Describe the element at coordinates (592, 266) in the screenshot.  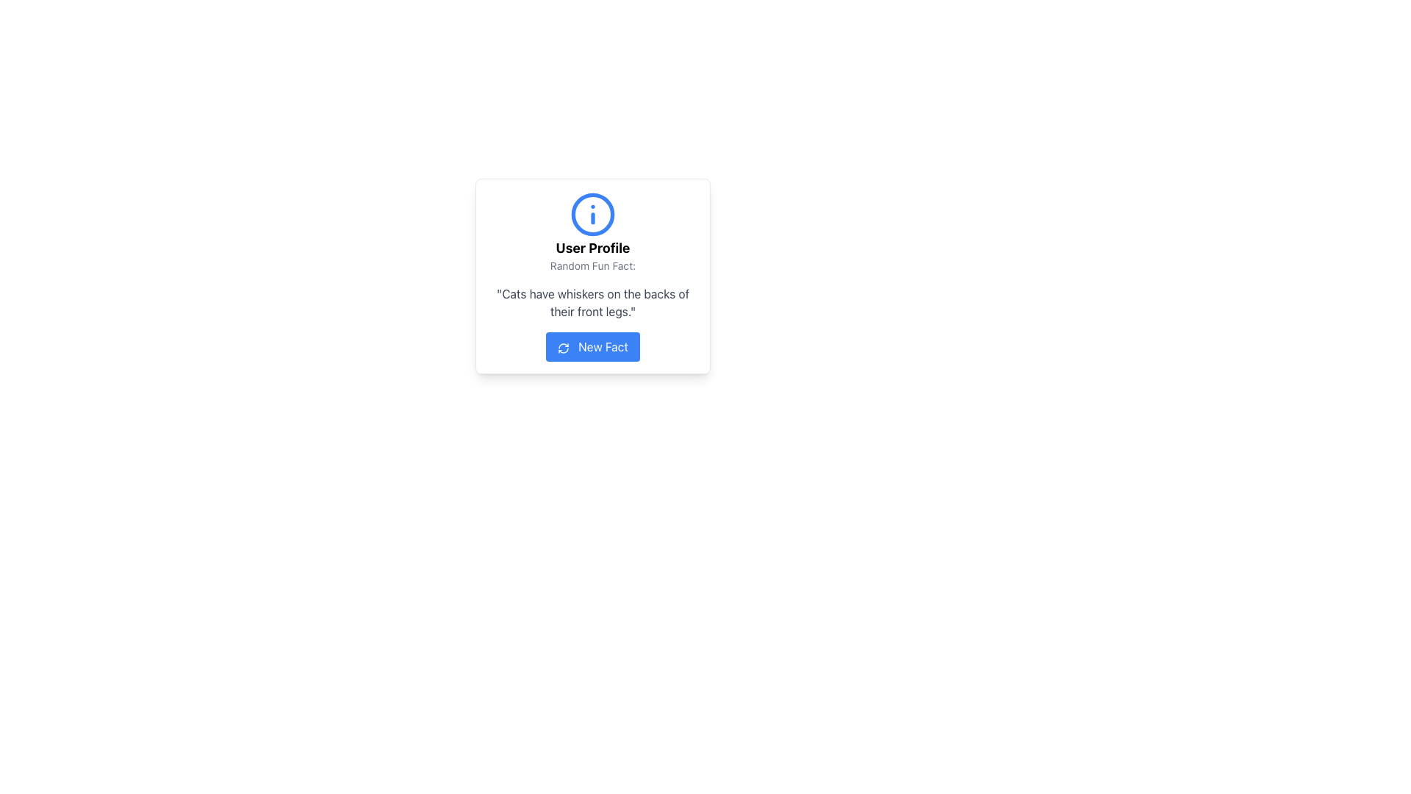
I see `the static informative text that reads 'Random Fun Fact:', which is styled in a small gray font and located directly below 'User Profile'` at that location.